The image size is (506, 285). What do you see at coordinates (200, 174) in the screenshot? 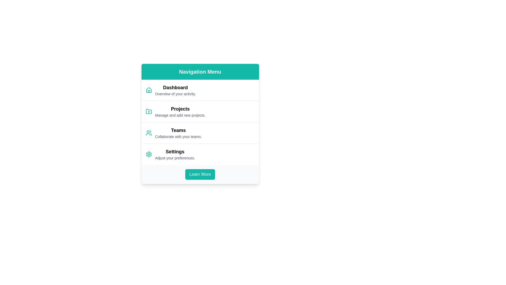
I see `the 'Learn More' button, which is a teal rectangular button with rounded corners and white text, located at the bottom of the navigation menu card` at bounding box center [200, 174].